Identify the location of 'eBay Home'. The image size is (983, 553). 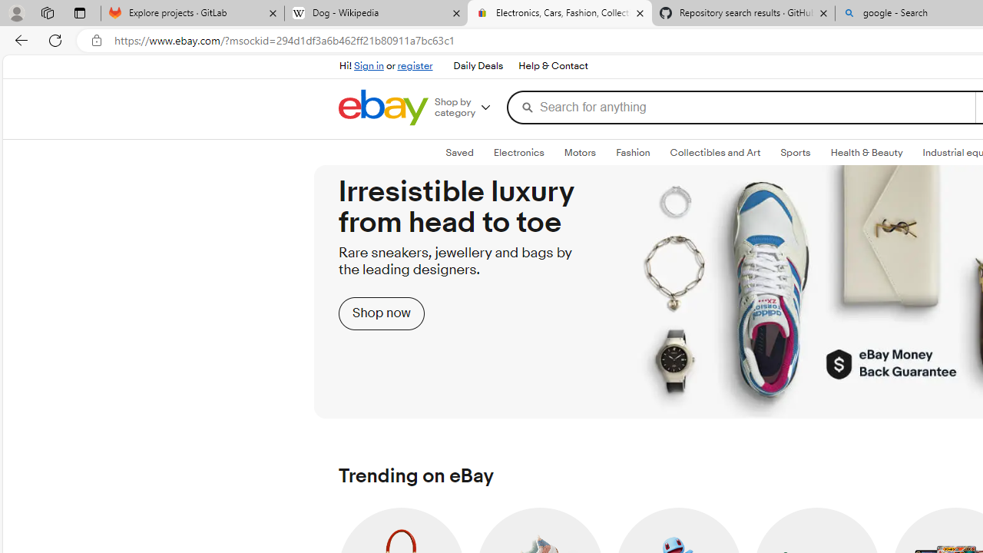
(383, 107).